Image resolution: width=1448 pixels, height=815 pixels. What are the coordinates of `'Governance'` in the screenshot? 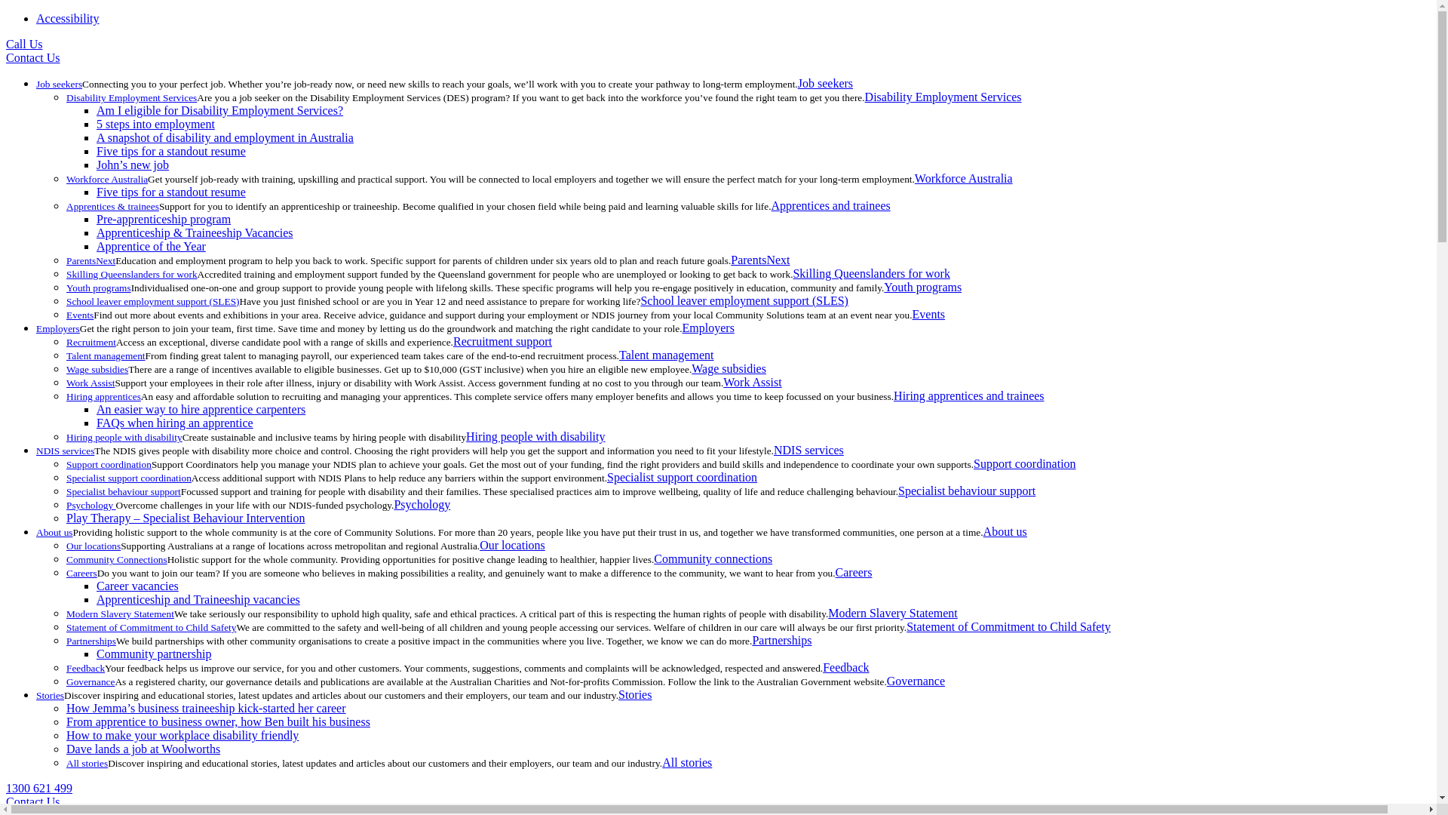 It's located at (887, 681).